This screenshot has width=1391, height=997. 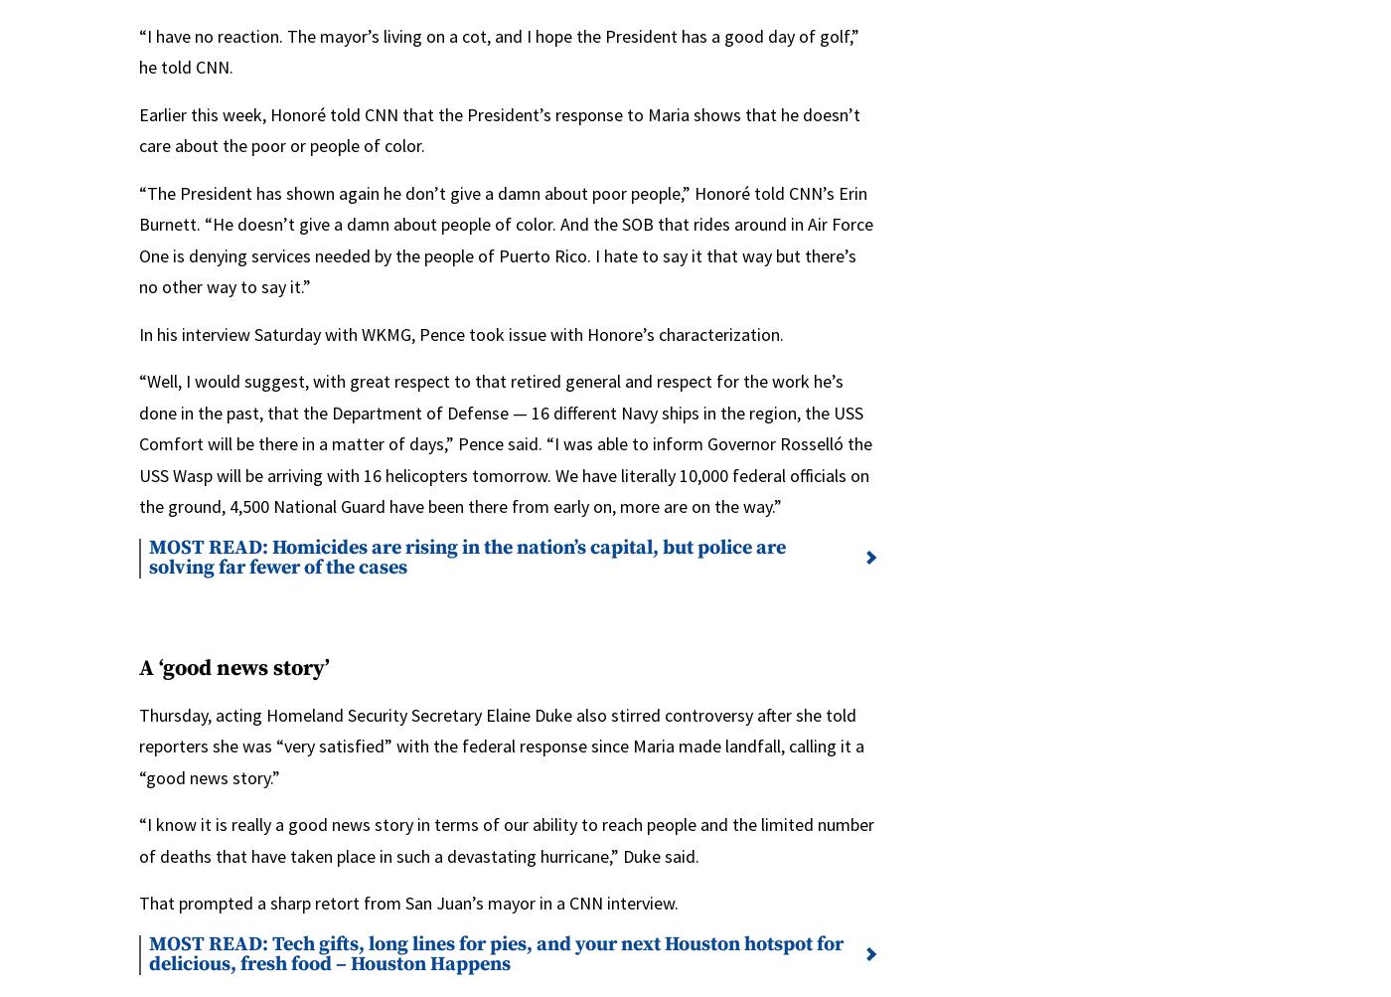 I want to click on 'In his interview Saturday with WKMG, Pence took issue with Honore’s characterization.', so click(x=460, y=332).